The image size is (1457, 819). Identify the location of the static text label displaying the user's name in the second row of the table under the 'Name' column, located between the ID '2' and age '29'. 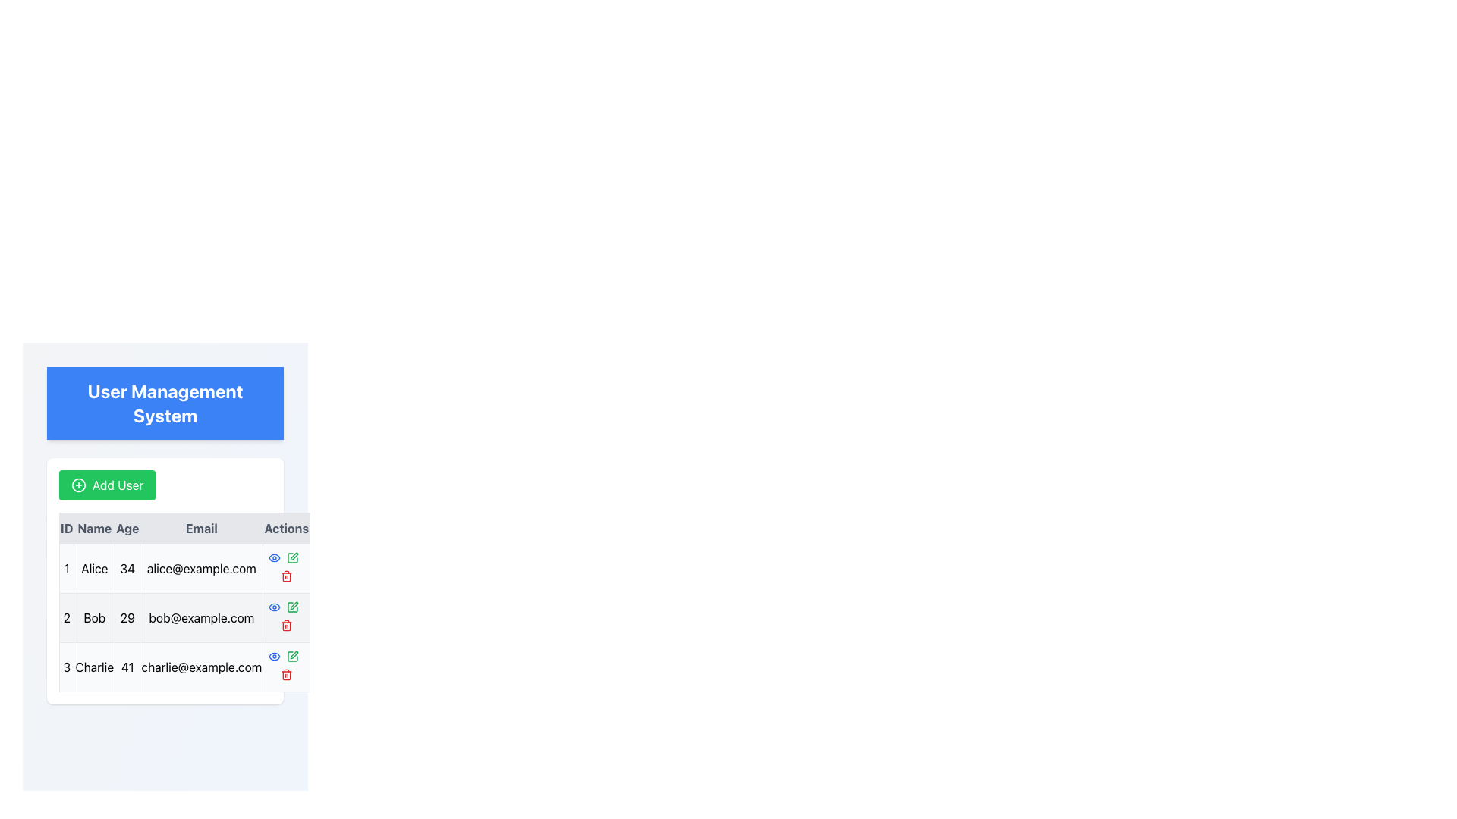
(93, 617).